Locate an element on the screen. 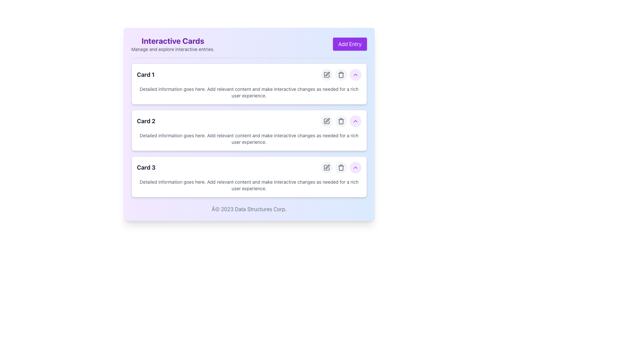 Image resolution: width=628 pixels, height=353 pixels. the delete button with an SVG icon located in the second card of a vertical list of cards, positioned at the right edge within the card as the second button from the left in the button group is located at coordinates (340, 121).